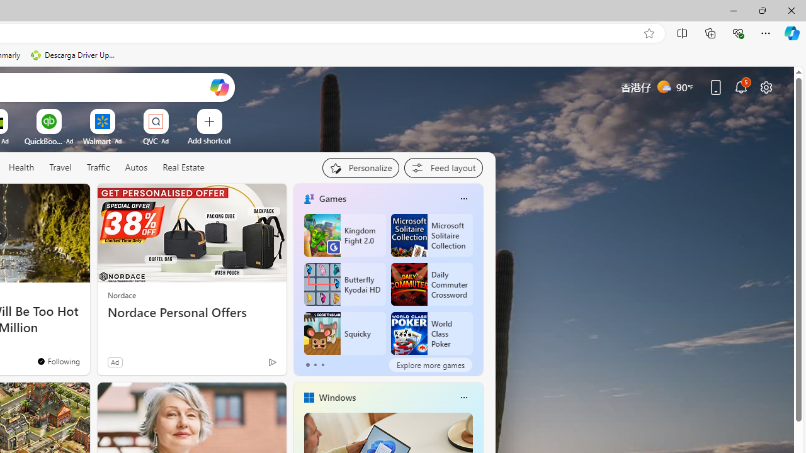 The image size is (806, 453). Describe the element at coordinates (315, 364) in the screenshot. I see `'tab-1'` at that location.